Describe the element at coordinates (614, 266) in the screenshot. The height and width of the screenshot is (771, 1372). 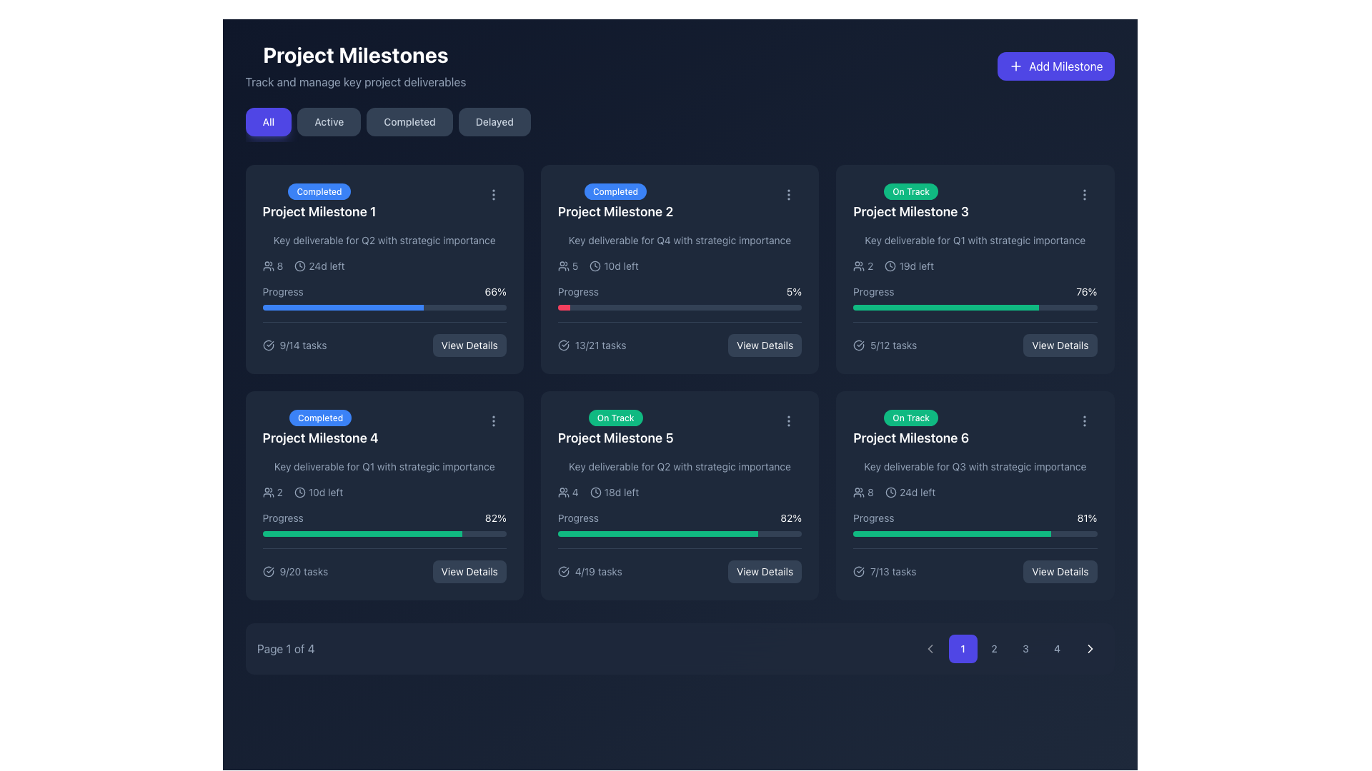
I see `informational text about the time left for the second milestone in the top row of the project milestones grid, located near the top-left corner of its card, following the teams icon` at that location.